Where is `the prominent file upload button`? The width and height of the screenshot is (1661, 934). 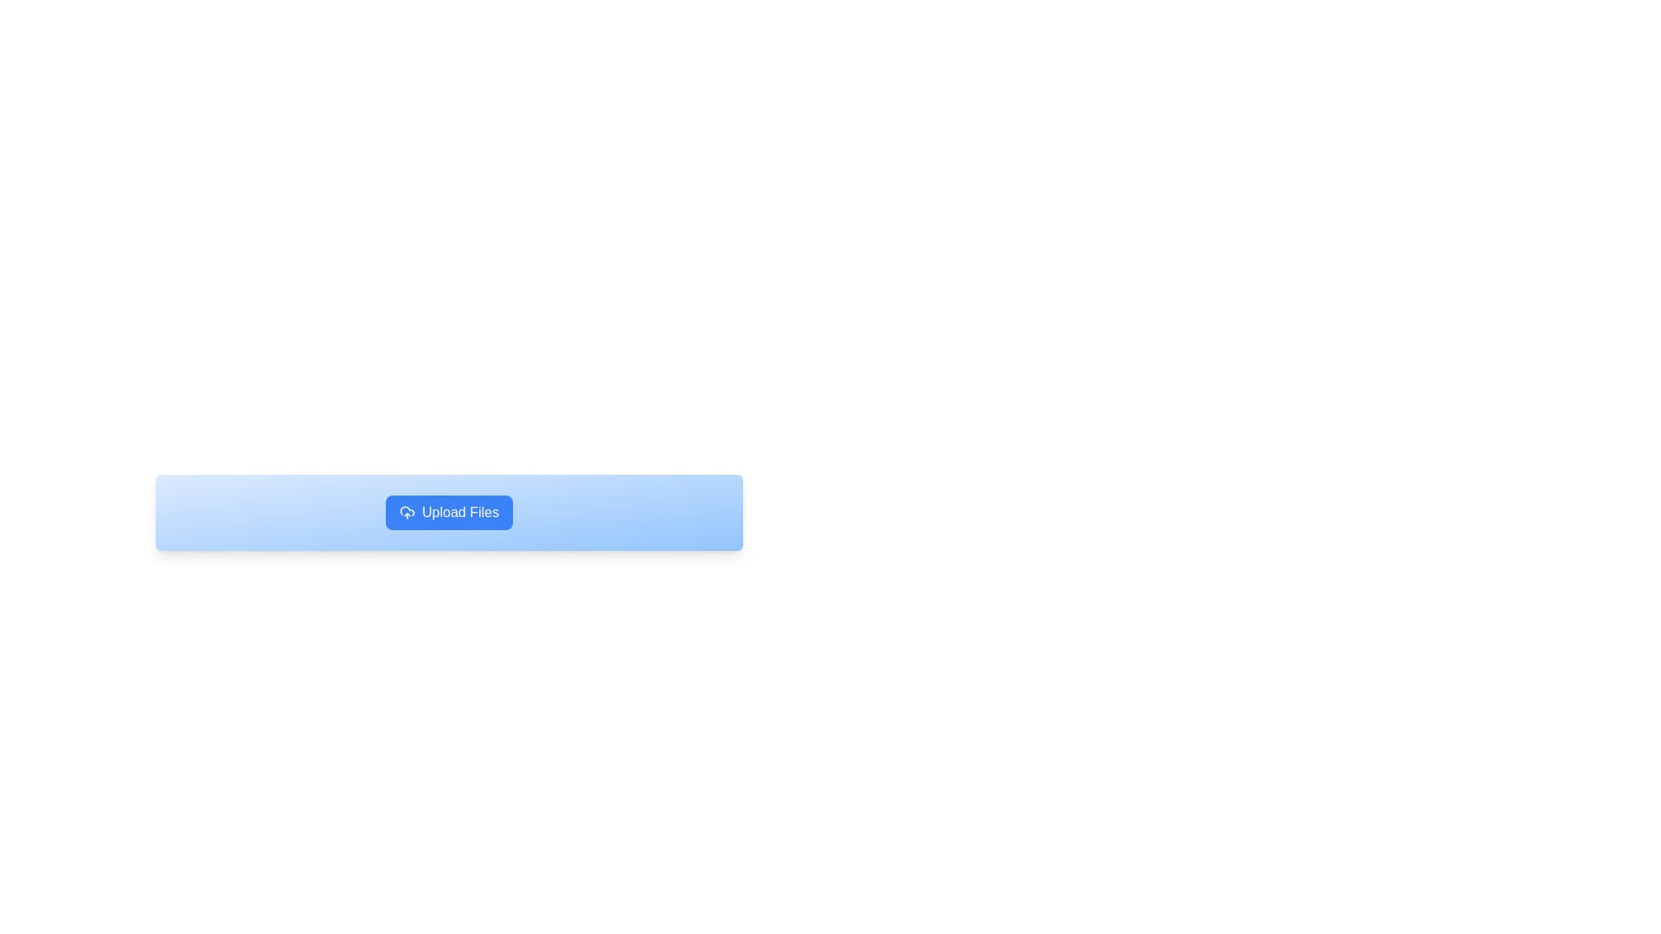
the prominent file upload button is located at coordinates (449, 512).